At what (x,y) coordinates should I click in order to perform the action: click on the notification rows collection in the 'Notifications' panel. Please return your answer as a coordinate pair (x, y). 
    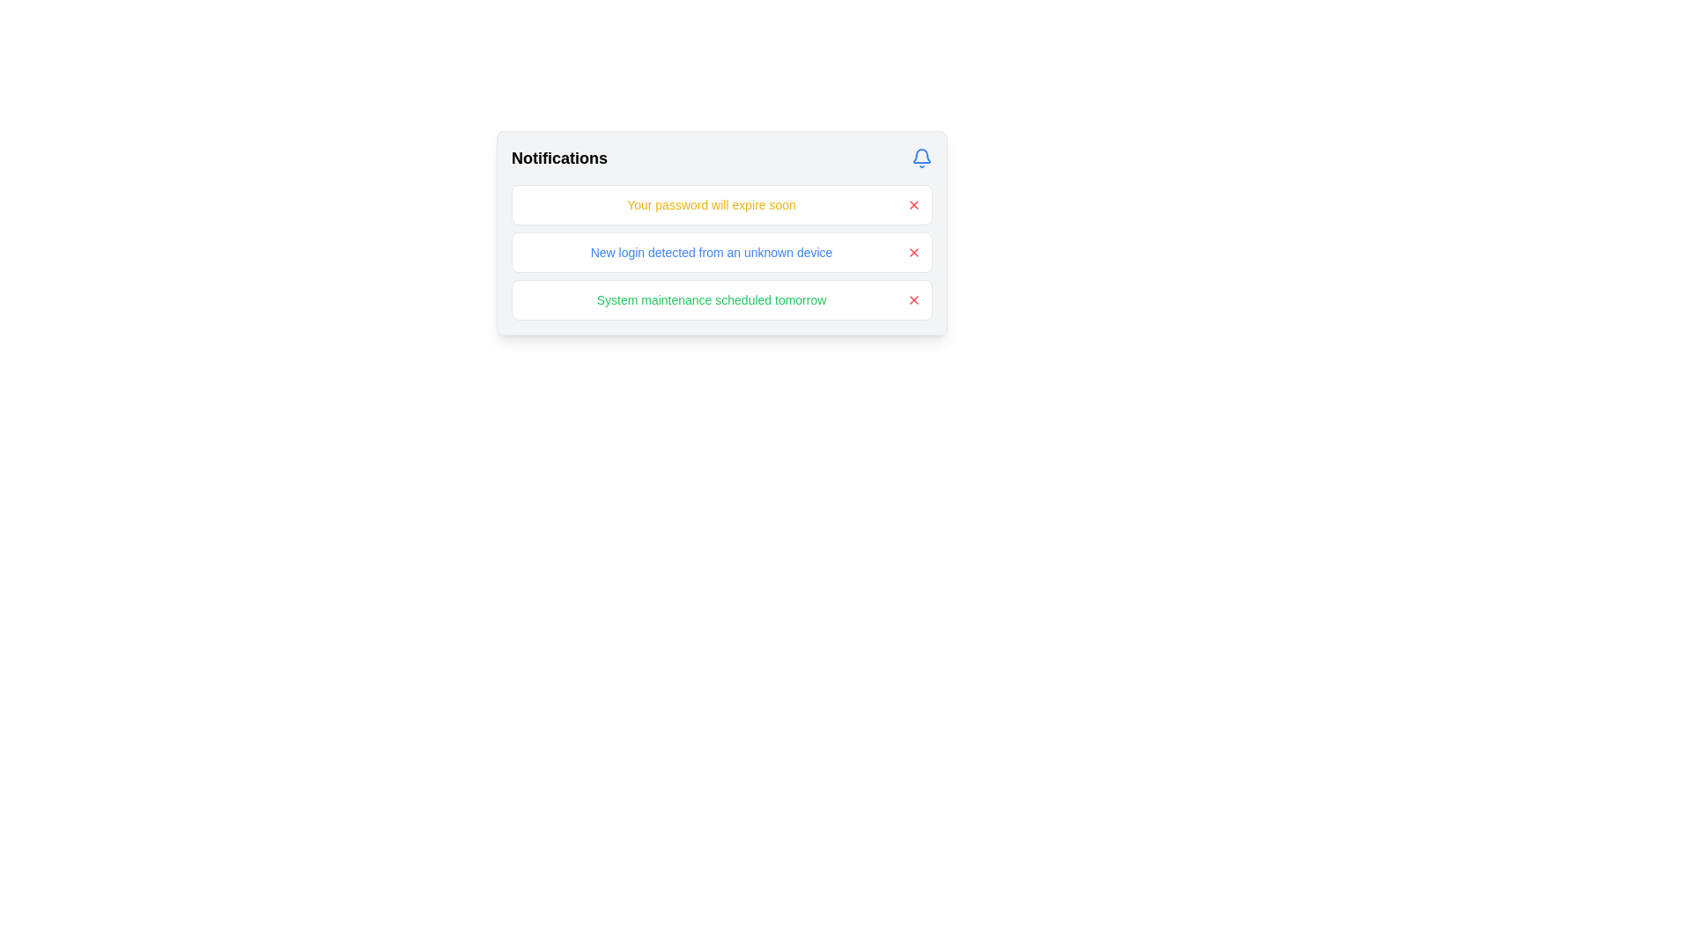
    Looking at the image, I should click on (722, 252).